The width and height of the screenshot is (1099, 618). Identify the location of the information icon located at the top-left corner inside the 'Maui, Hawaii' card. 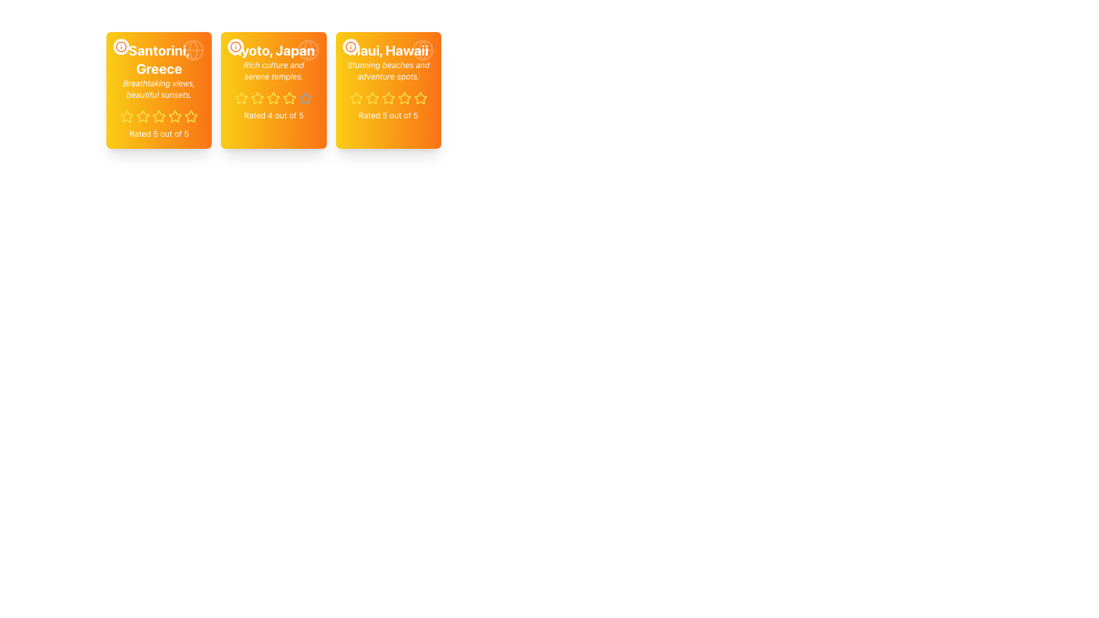
(350, 46).